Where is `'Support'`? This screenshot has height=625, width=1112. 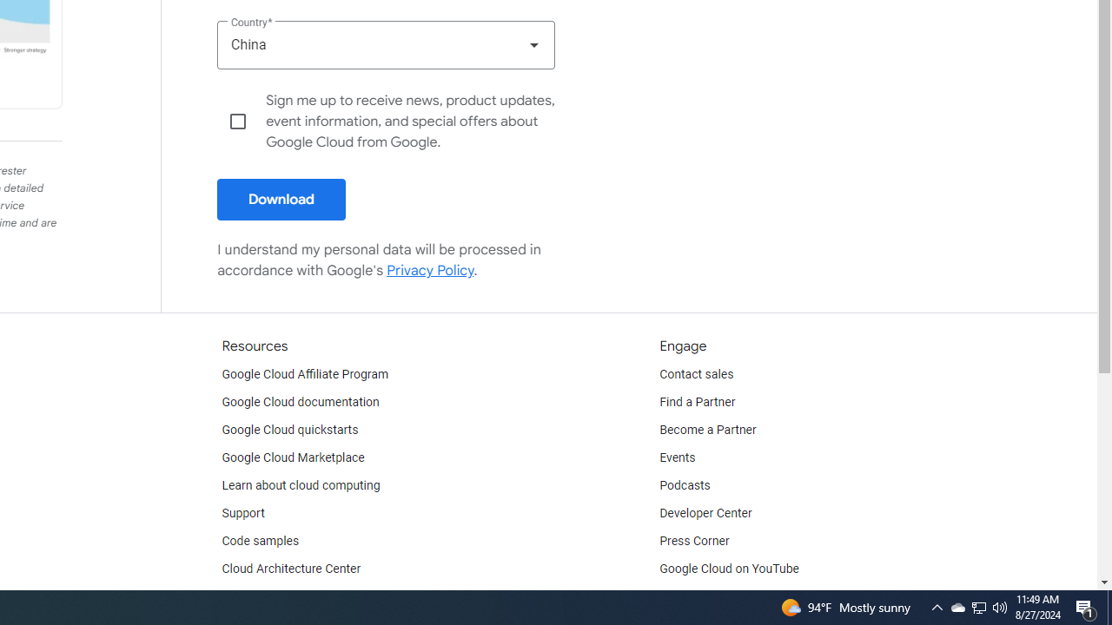
'Support' is located at coordinates (242, 512).